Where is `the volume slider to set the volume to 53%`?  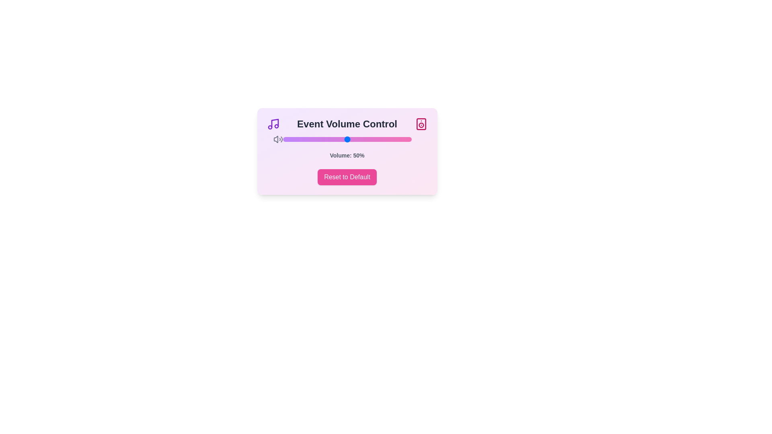
the volume slider to set the volume to 53% is located at coordinates (351, 139).